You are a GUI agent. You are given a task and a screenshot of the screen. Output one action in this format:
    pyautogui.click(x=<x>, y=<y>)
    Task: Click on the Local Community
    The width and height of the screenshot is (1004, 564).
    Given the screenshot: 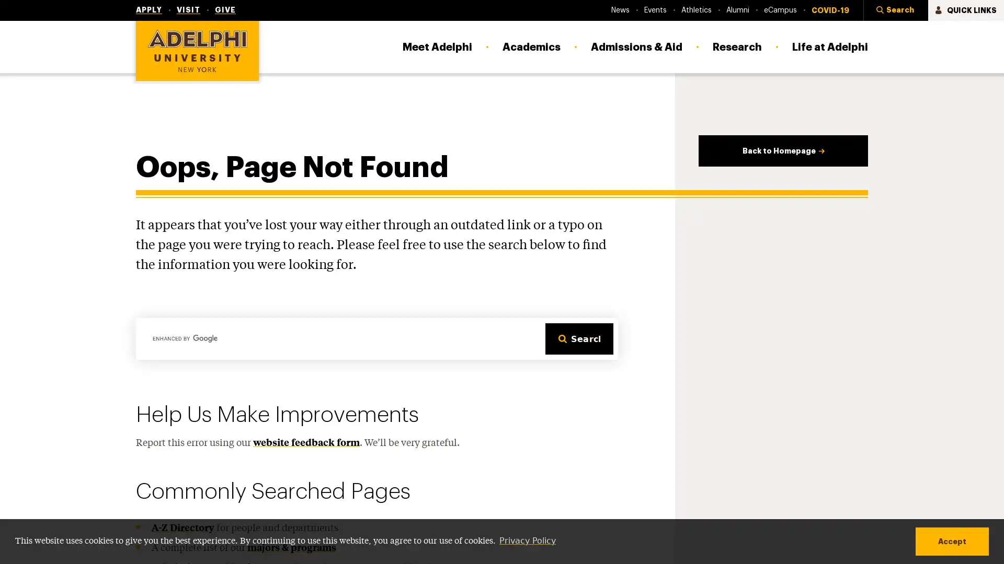 What is the action you would take?
    pyautogui.click(x=700, y=177)
    